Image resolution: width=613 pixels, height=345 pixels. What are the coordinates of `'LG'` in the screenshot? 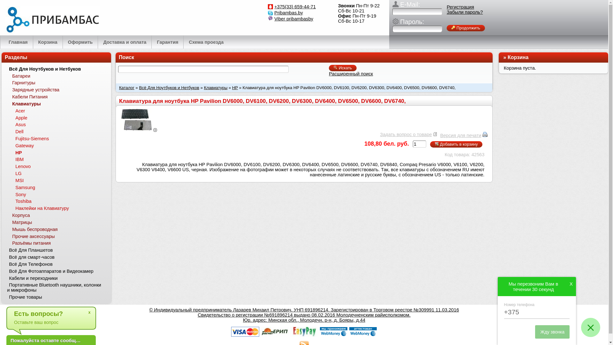 It's located at (13, 173).